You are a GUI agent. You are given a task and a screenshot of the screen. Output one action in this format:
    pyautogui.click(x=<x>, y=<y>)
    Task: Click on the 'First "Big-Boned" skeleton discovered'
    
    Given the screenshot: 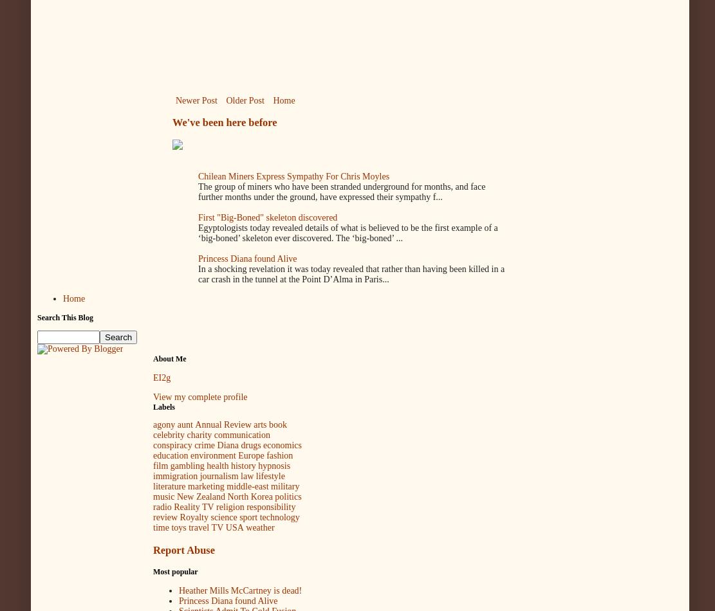 What is the action you would take?
    pyautogui.click(x=267, y=217)
    